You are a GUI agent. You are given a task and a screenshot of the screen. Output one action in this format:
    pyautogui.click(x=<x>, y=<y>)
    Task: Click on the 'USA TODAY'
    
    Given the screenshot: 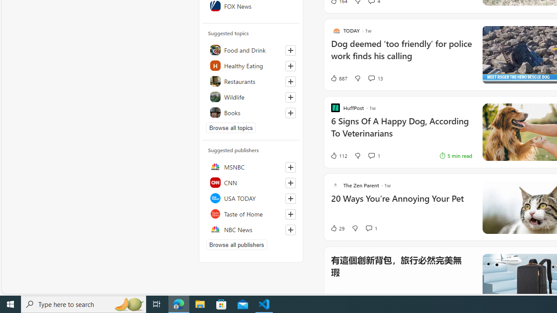 What is the action you would take?
    pyautogui.click(x=251, y=198)
    